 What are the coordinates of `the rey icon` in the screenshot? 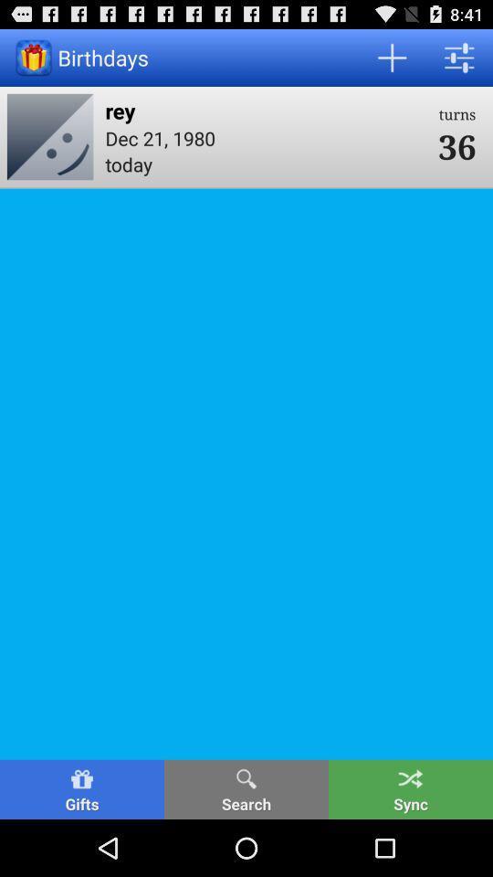 It's located at (265, 110).